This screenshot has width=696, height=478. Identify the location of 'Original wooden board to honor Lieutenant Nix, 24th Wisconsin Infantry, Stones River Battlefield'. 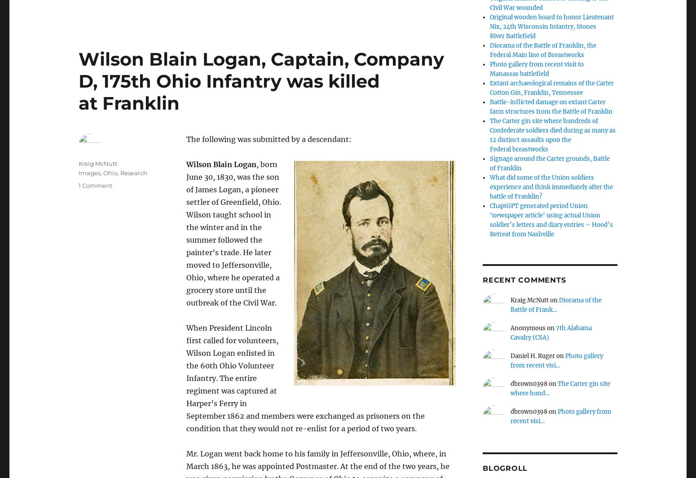
(551, 26).